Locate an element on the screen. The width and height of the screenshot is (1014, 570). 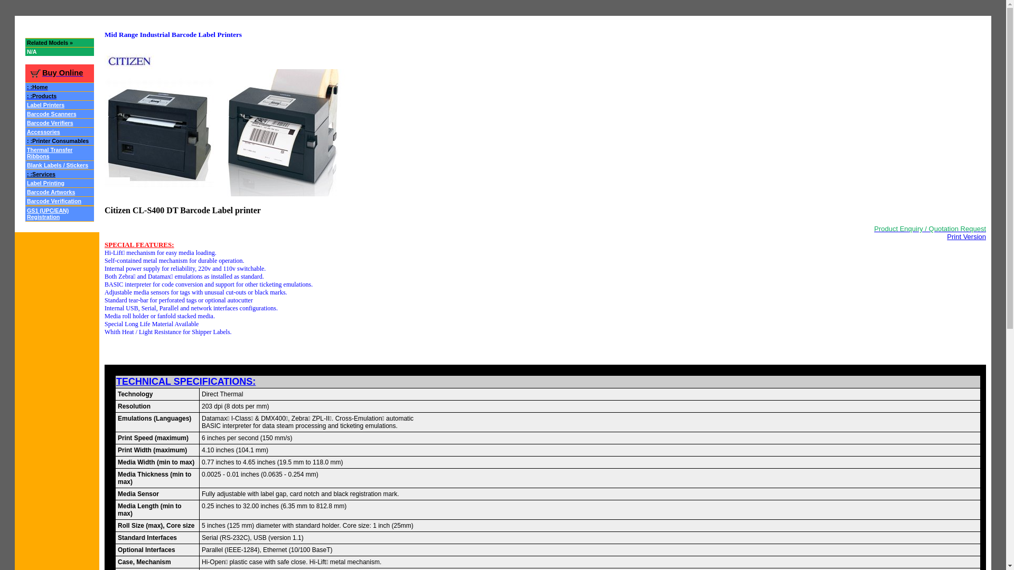
'Barcode Artworks' is located at coordinates (50, 191).